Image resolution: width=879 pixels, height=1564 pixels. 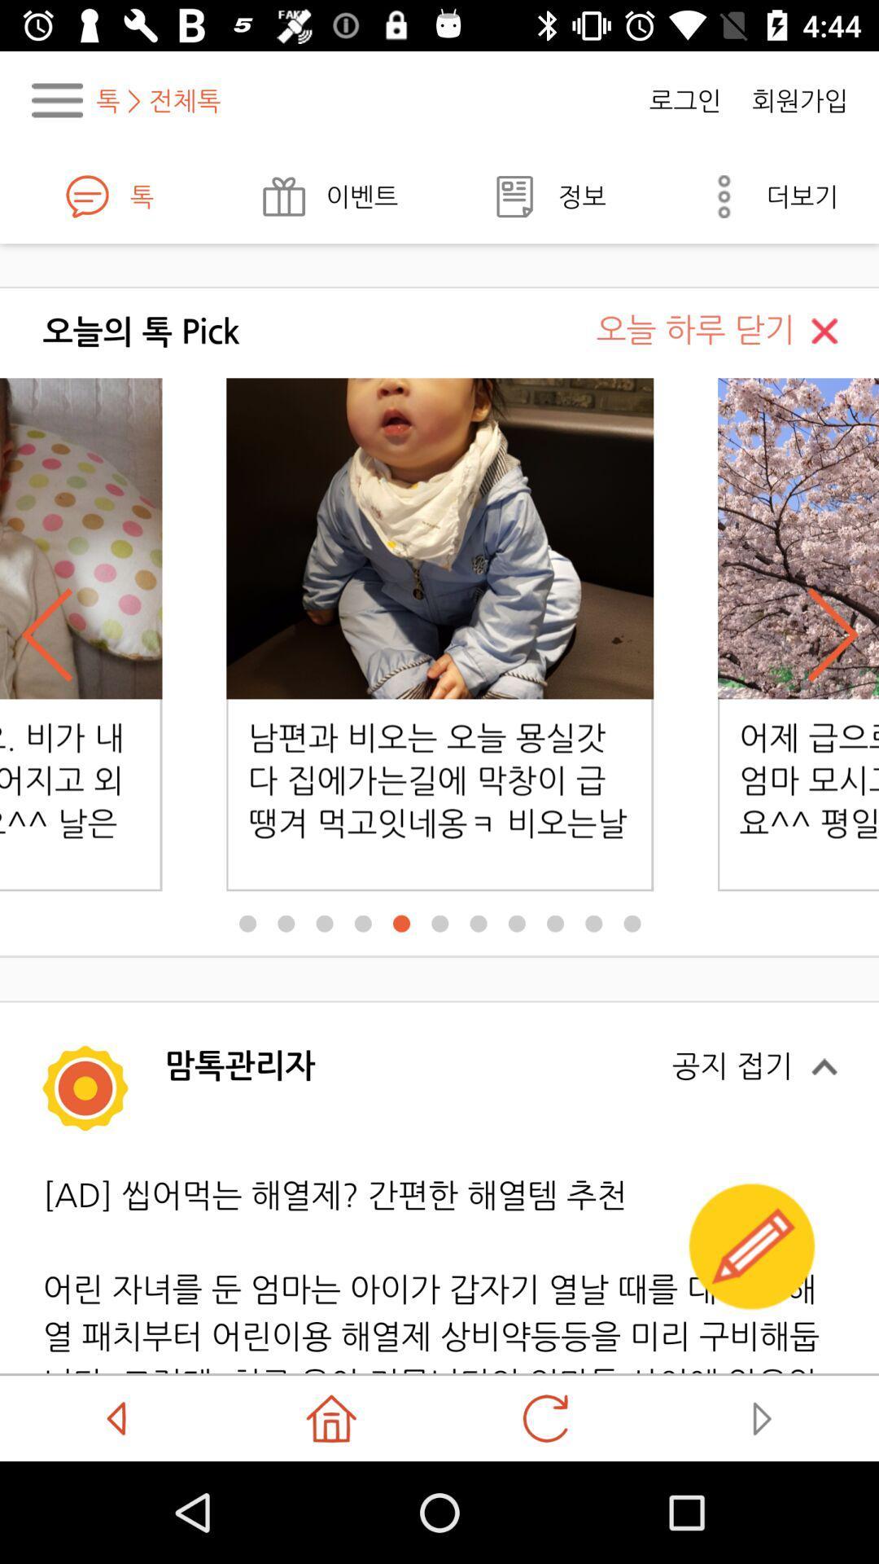 I want to click on the refresh icon, so click(x=546, y=1417).